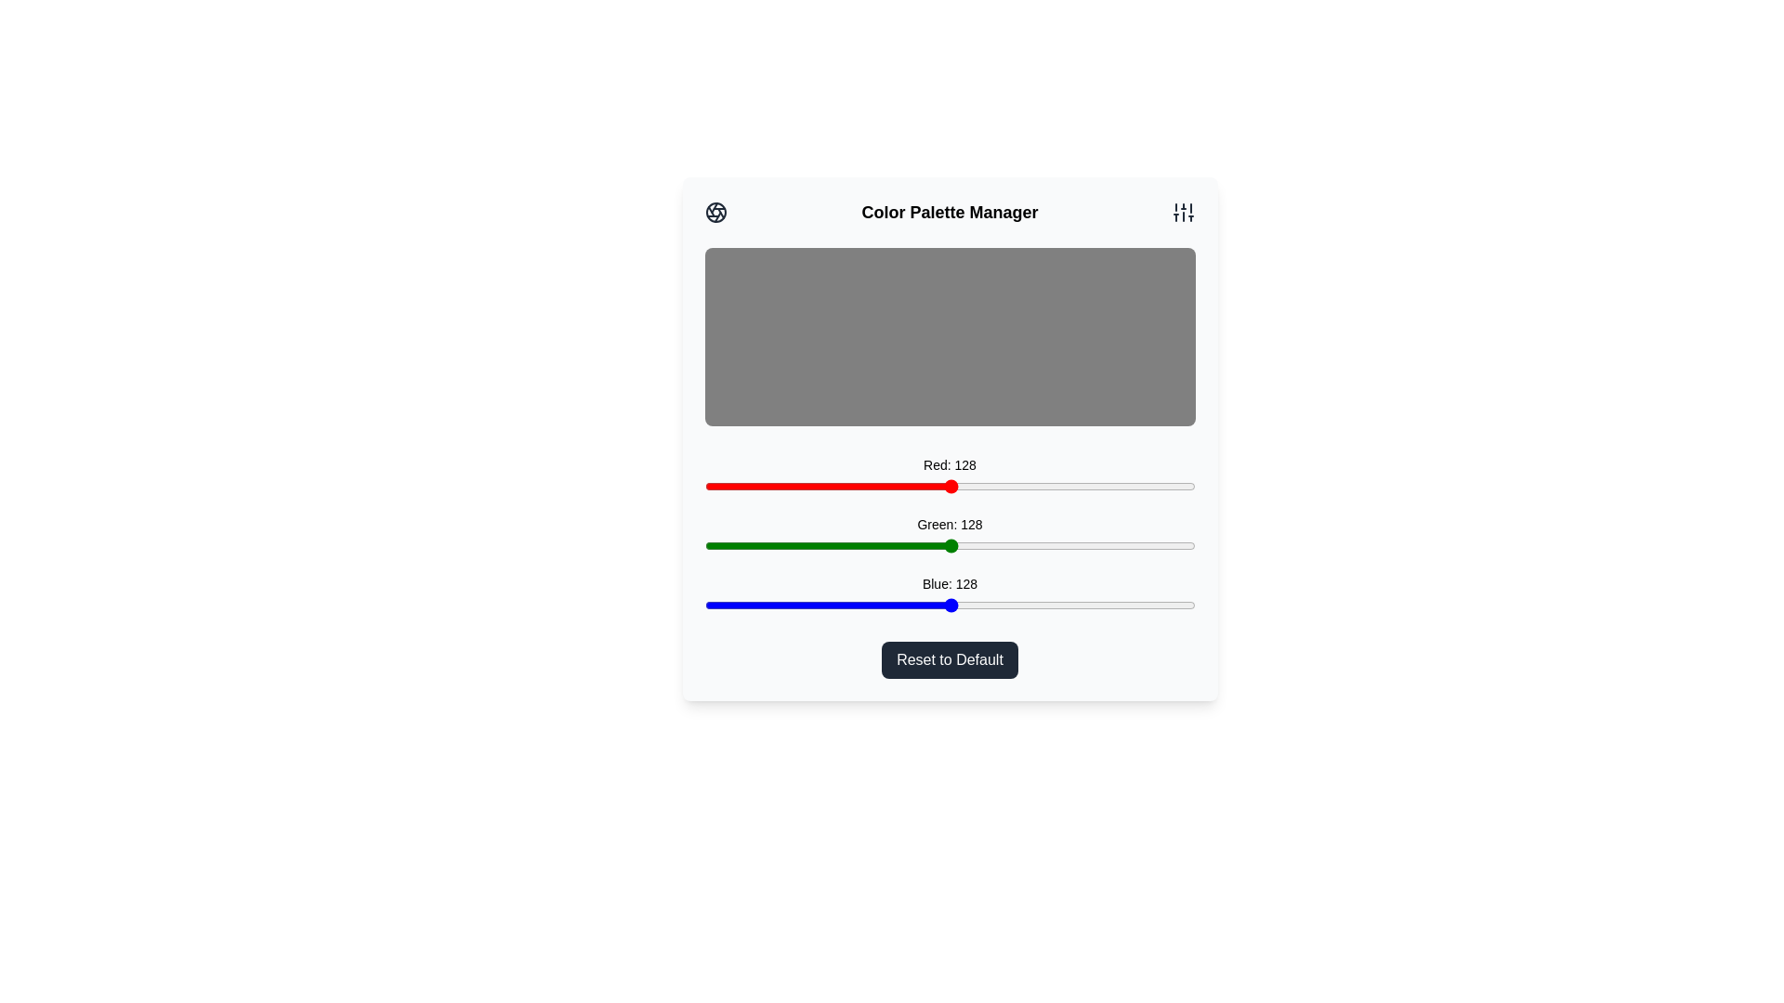 The image size is (1784, 1003). Describe the element at coordinates (1133, 544) in the screenshot. I see `the green slider to set the green intensity to 223` at that location.